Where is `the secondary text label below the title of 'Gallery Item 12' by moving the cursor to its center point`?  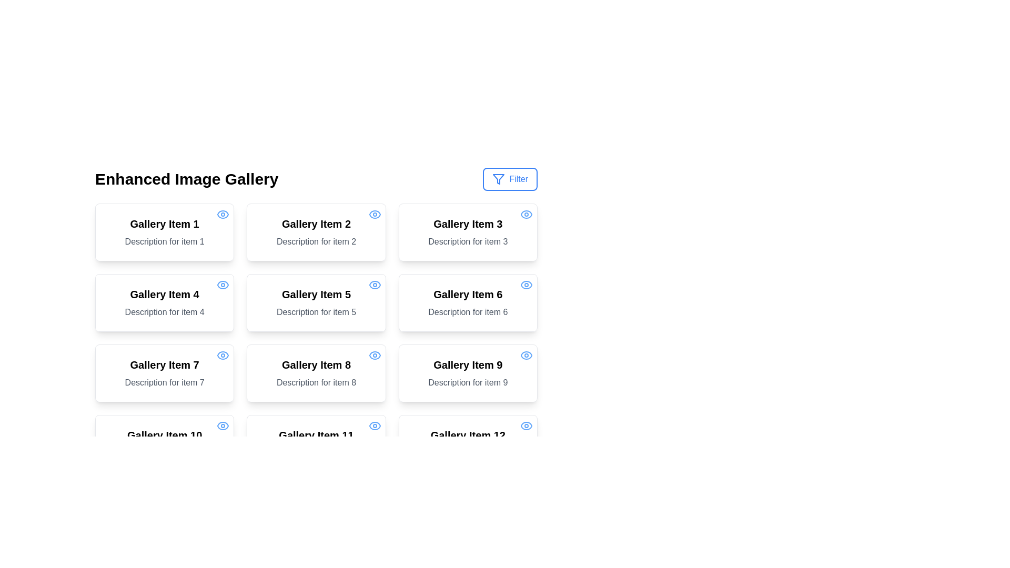 the secondary text label below the title of 'Gallery Item 12' by moving the cursor to its center point is located at coordinates (467, 452).